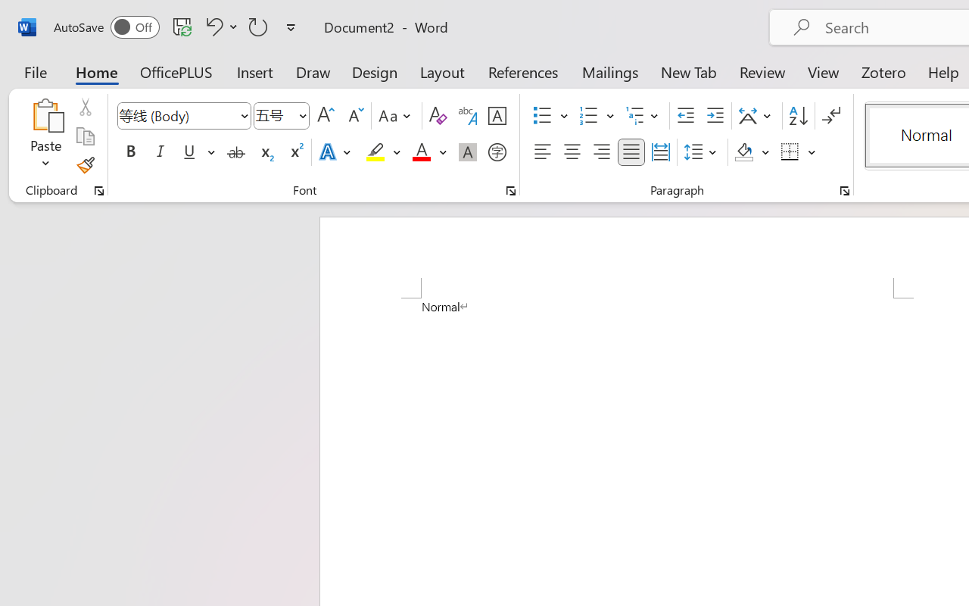  I want to click on 'Font', so click(183, 116).